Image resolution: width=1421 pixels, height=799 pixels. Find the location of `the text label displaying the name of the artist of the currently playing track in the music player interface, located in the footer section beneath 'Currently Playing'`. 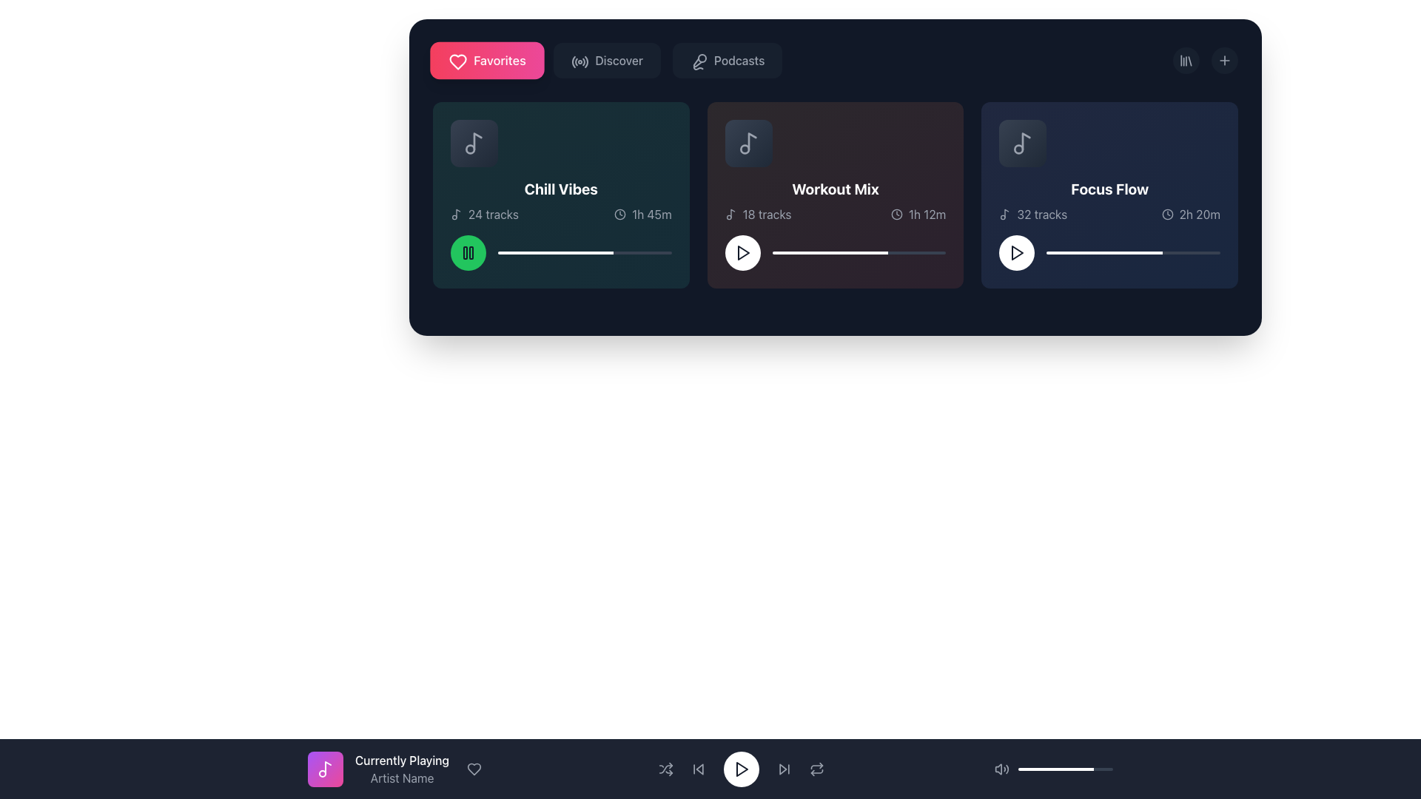

the text label displaying the name of the artist of the currently playing track in the music player interface, located in the footer section beneath 'Currently Playing' is located at coordinates (402, 778).